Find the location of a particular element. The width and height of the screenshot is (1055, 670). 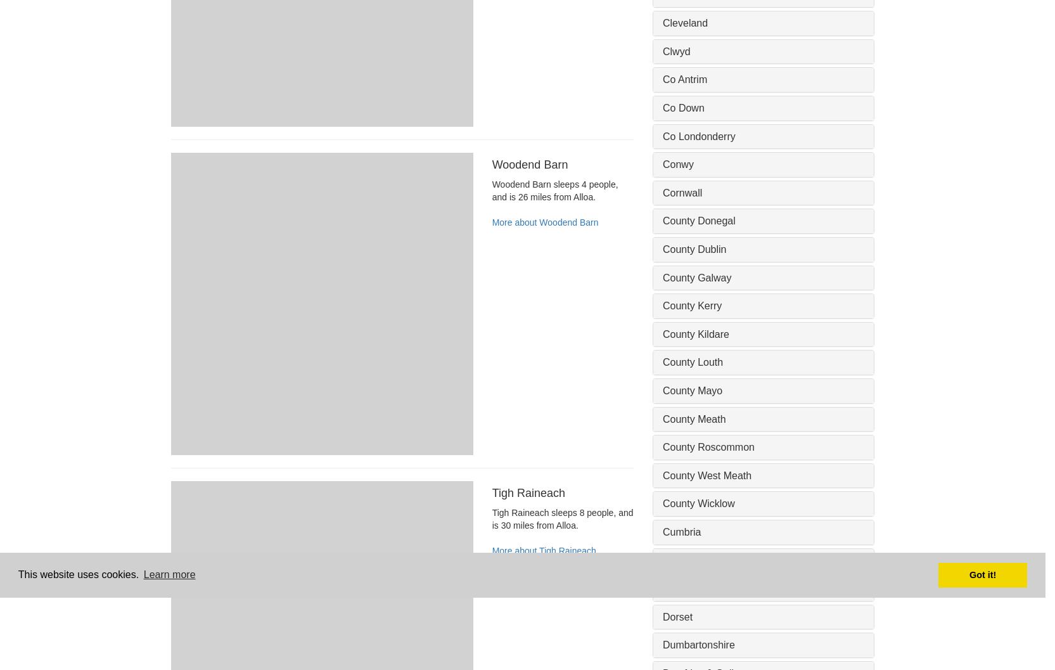

'Co Down' is located at coordinates (682, 108).